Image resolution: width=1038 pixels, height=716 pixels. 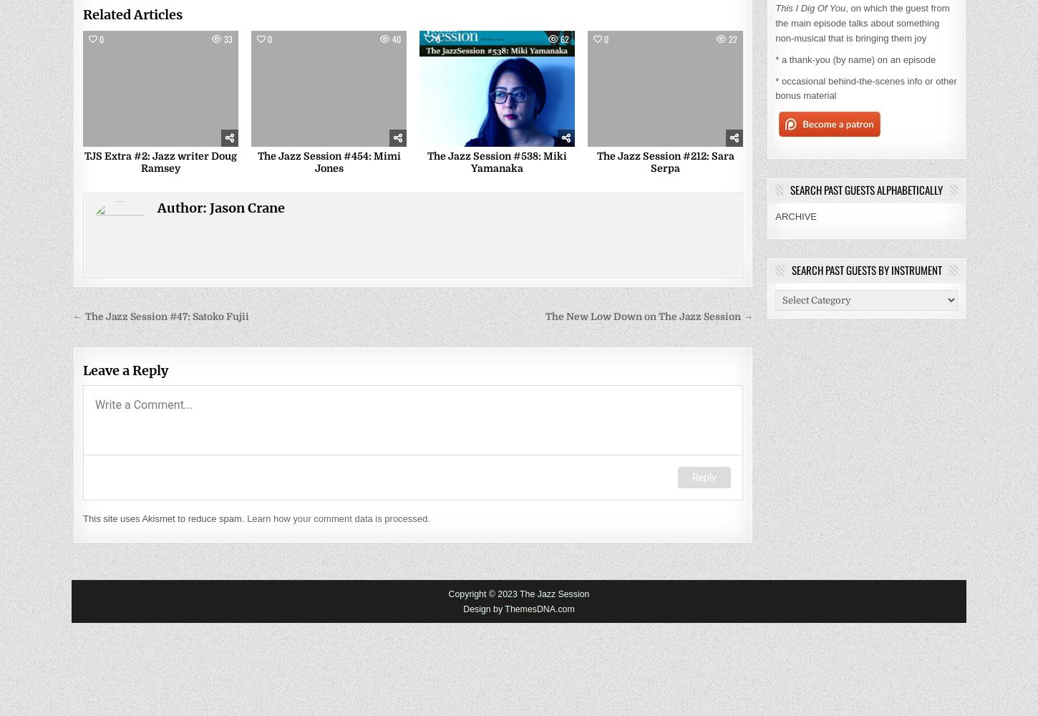 What do you see at coordinates (795, 216) in the screenshot?
I see `'ARCHIVE'` at bounding box center [795, 216].